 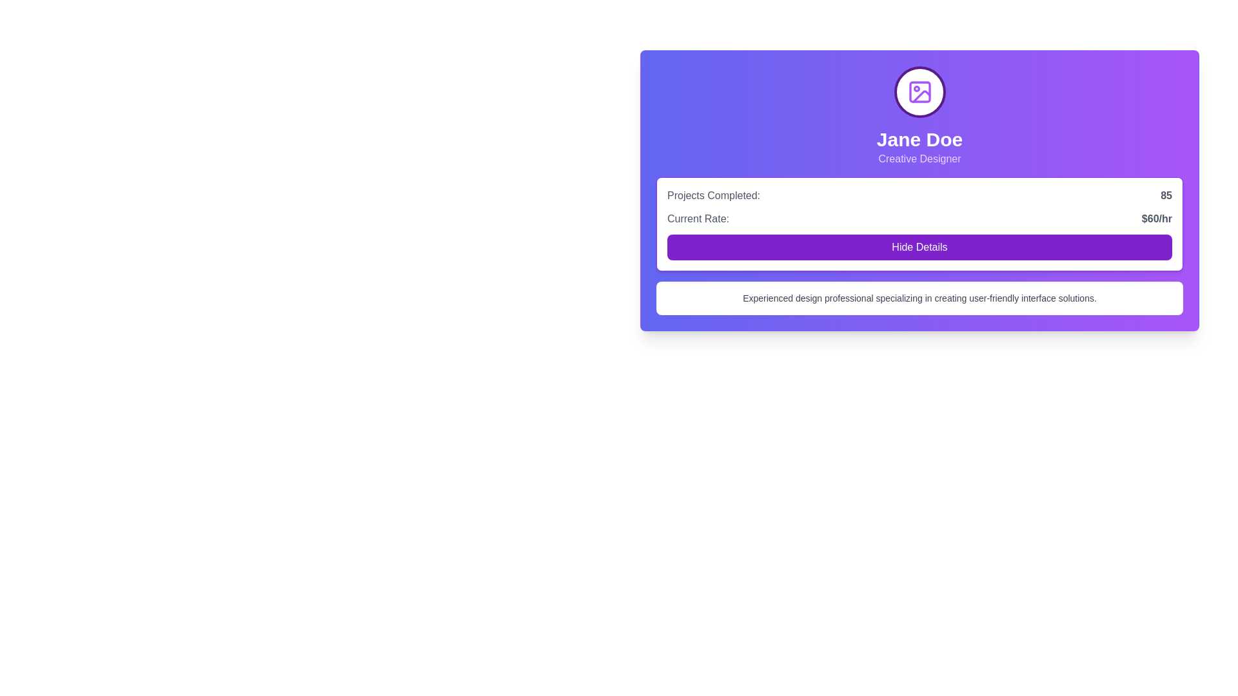 What do you see at coordinates (1166, 196) in the screenshot?
I see `the text displaying the number of projects completed, located in the upper-middle area of the content card, right next to 'Projects Completed:'` at bounding box center [1166, 196].